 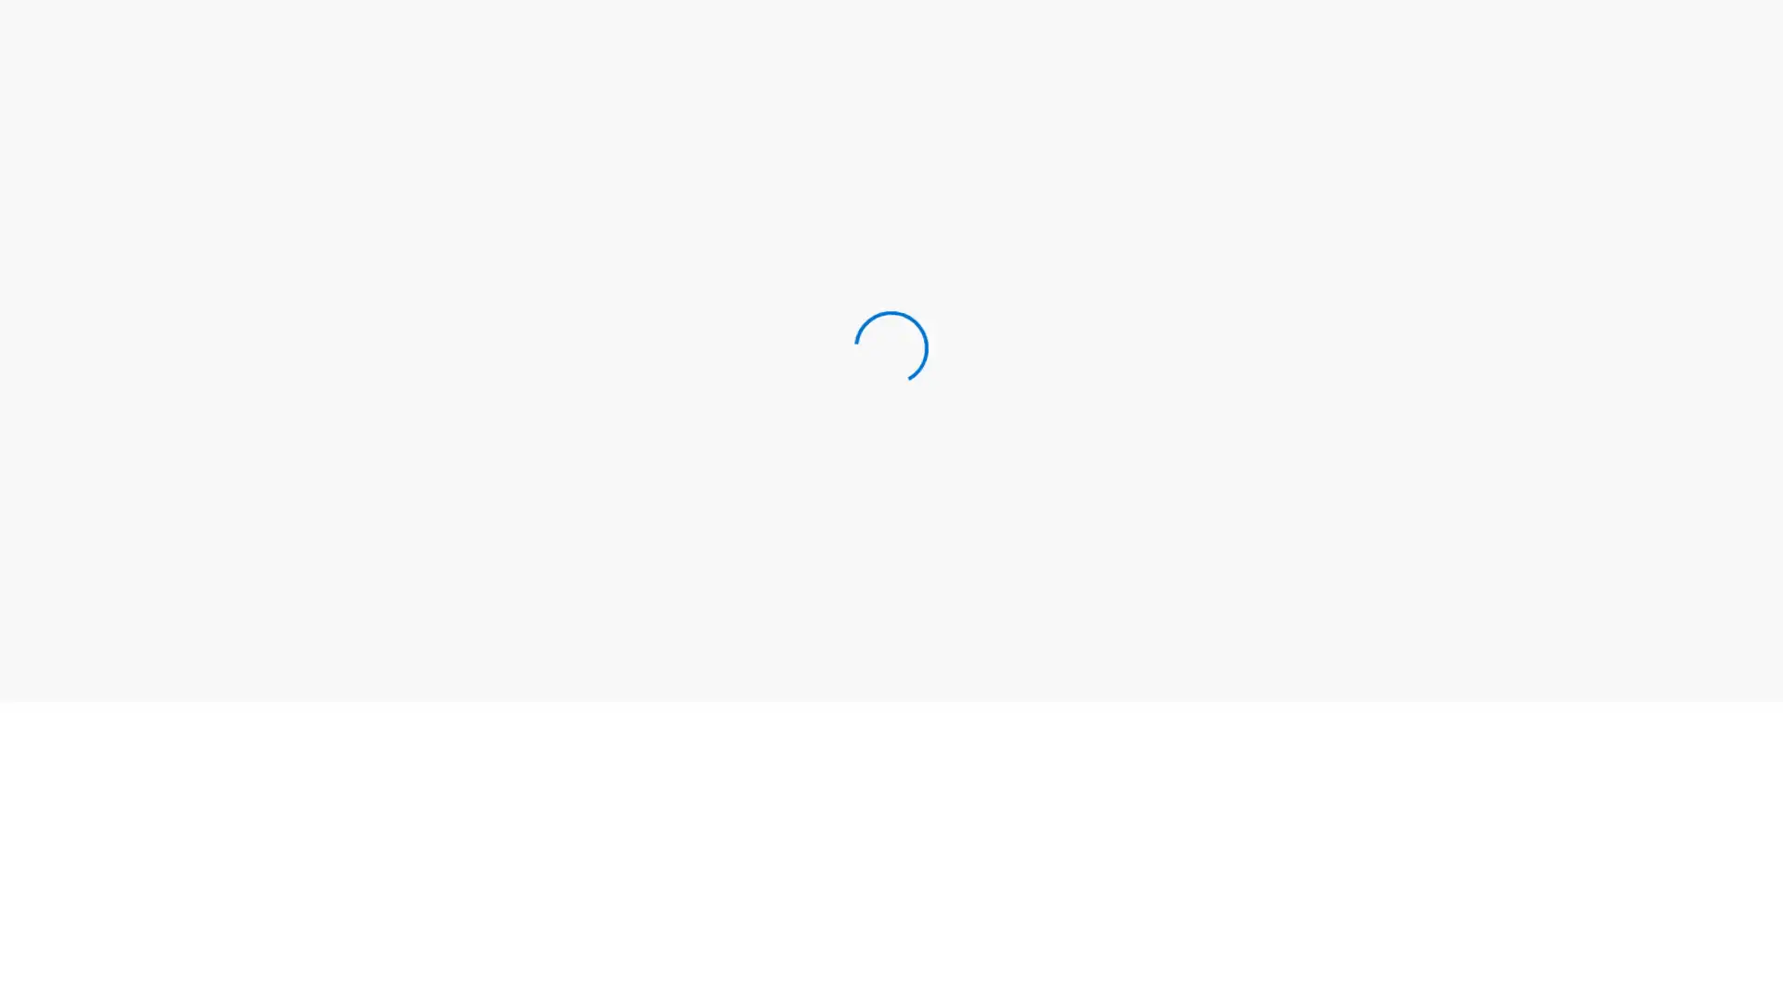 I want to click on Create a Username, so click(x=462, y=346).